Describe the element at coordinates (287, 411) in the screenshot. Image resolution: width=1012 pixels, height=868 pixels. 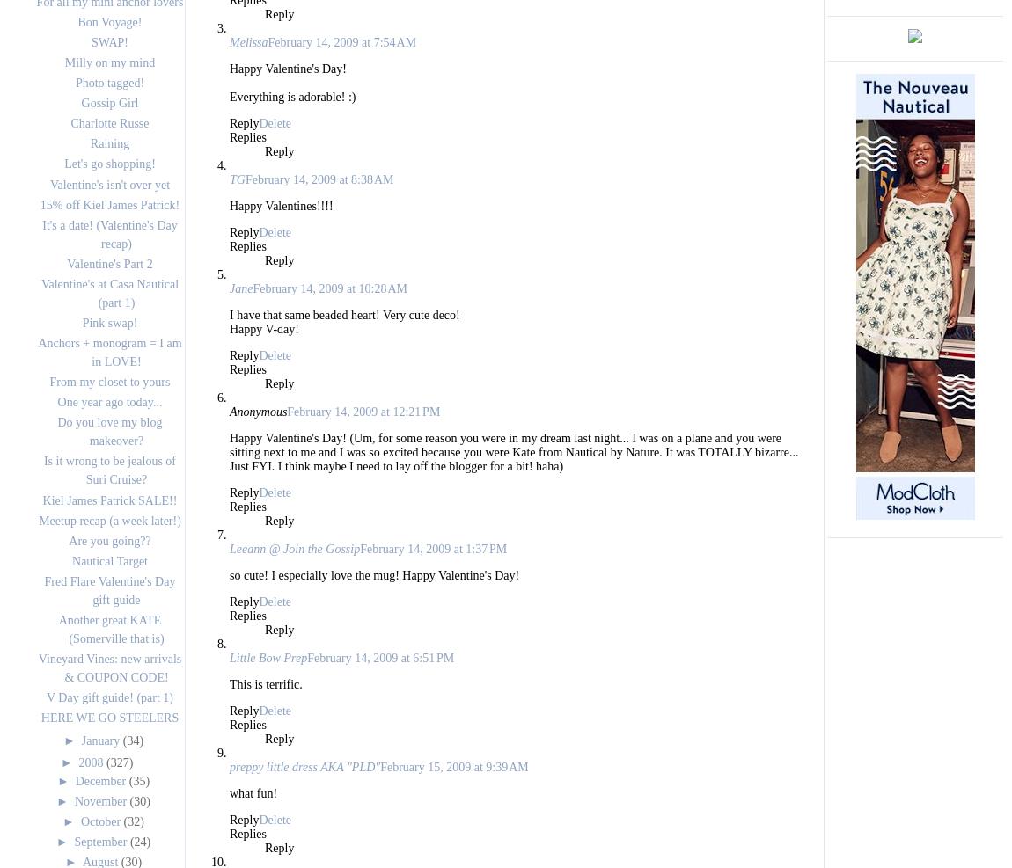
I see `'February 14, 2009 at 12:21 PM'` at that location.